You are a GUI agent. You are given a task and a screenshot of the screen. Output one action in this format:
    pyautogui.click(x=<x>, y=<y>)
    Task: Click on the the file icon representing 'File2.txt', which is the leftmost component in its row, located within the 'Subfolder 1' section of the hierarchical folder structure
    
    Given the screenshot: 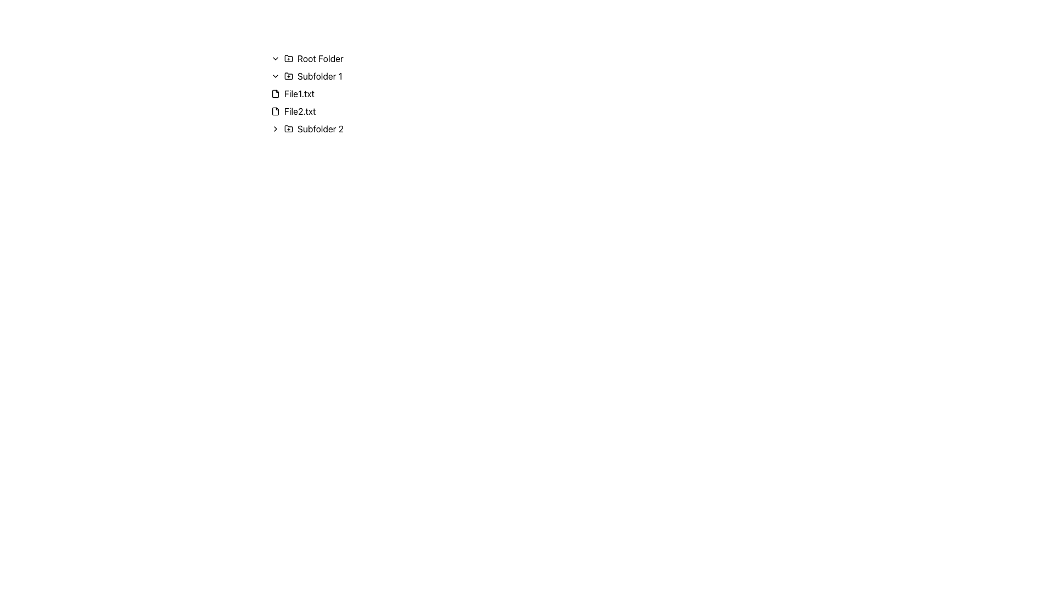 What is the action you would take?
    pyautogui.click(x=276, y=111)
    